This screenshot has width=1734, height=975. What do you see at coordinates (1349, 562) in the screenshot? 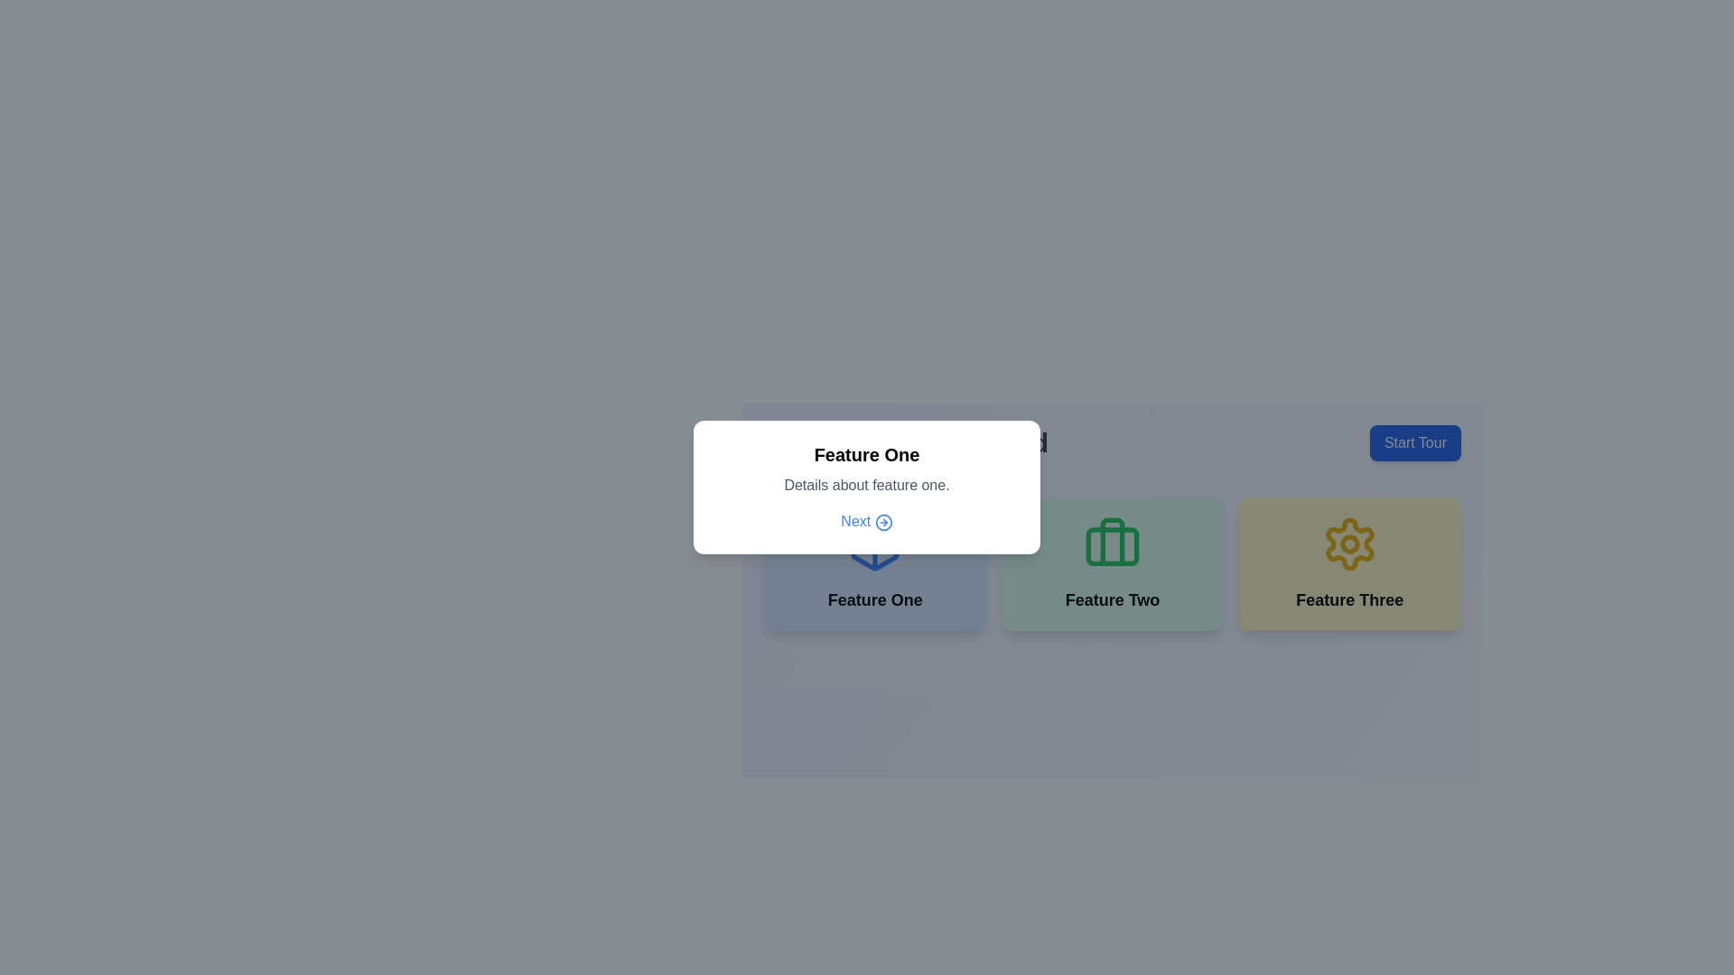
I see `title 'Feature Three' and observe its icon from the descriptive card located in the bottom-right section of the grid layout` at bounding box center [1349, 562].